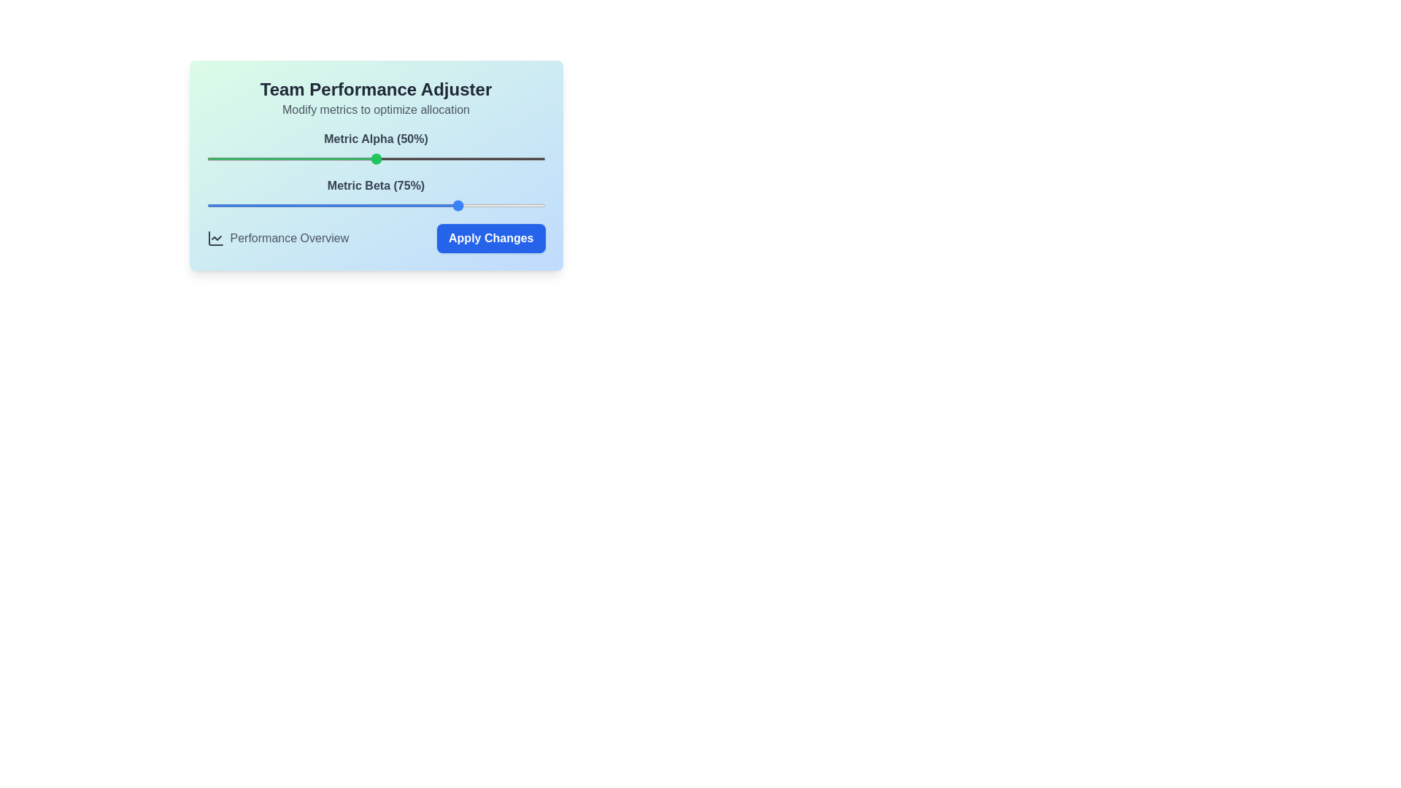 This screenshot has width=1401, height=788. What do you see at coordinates (538, 159) in the screenshot?
I see `the Metric Alpha slider to set its value to 98` at bounding box center [538, 159].